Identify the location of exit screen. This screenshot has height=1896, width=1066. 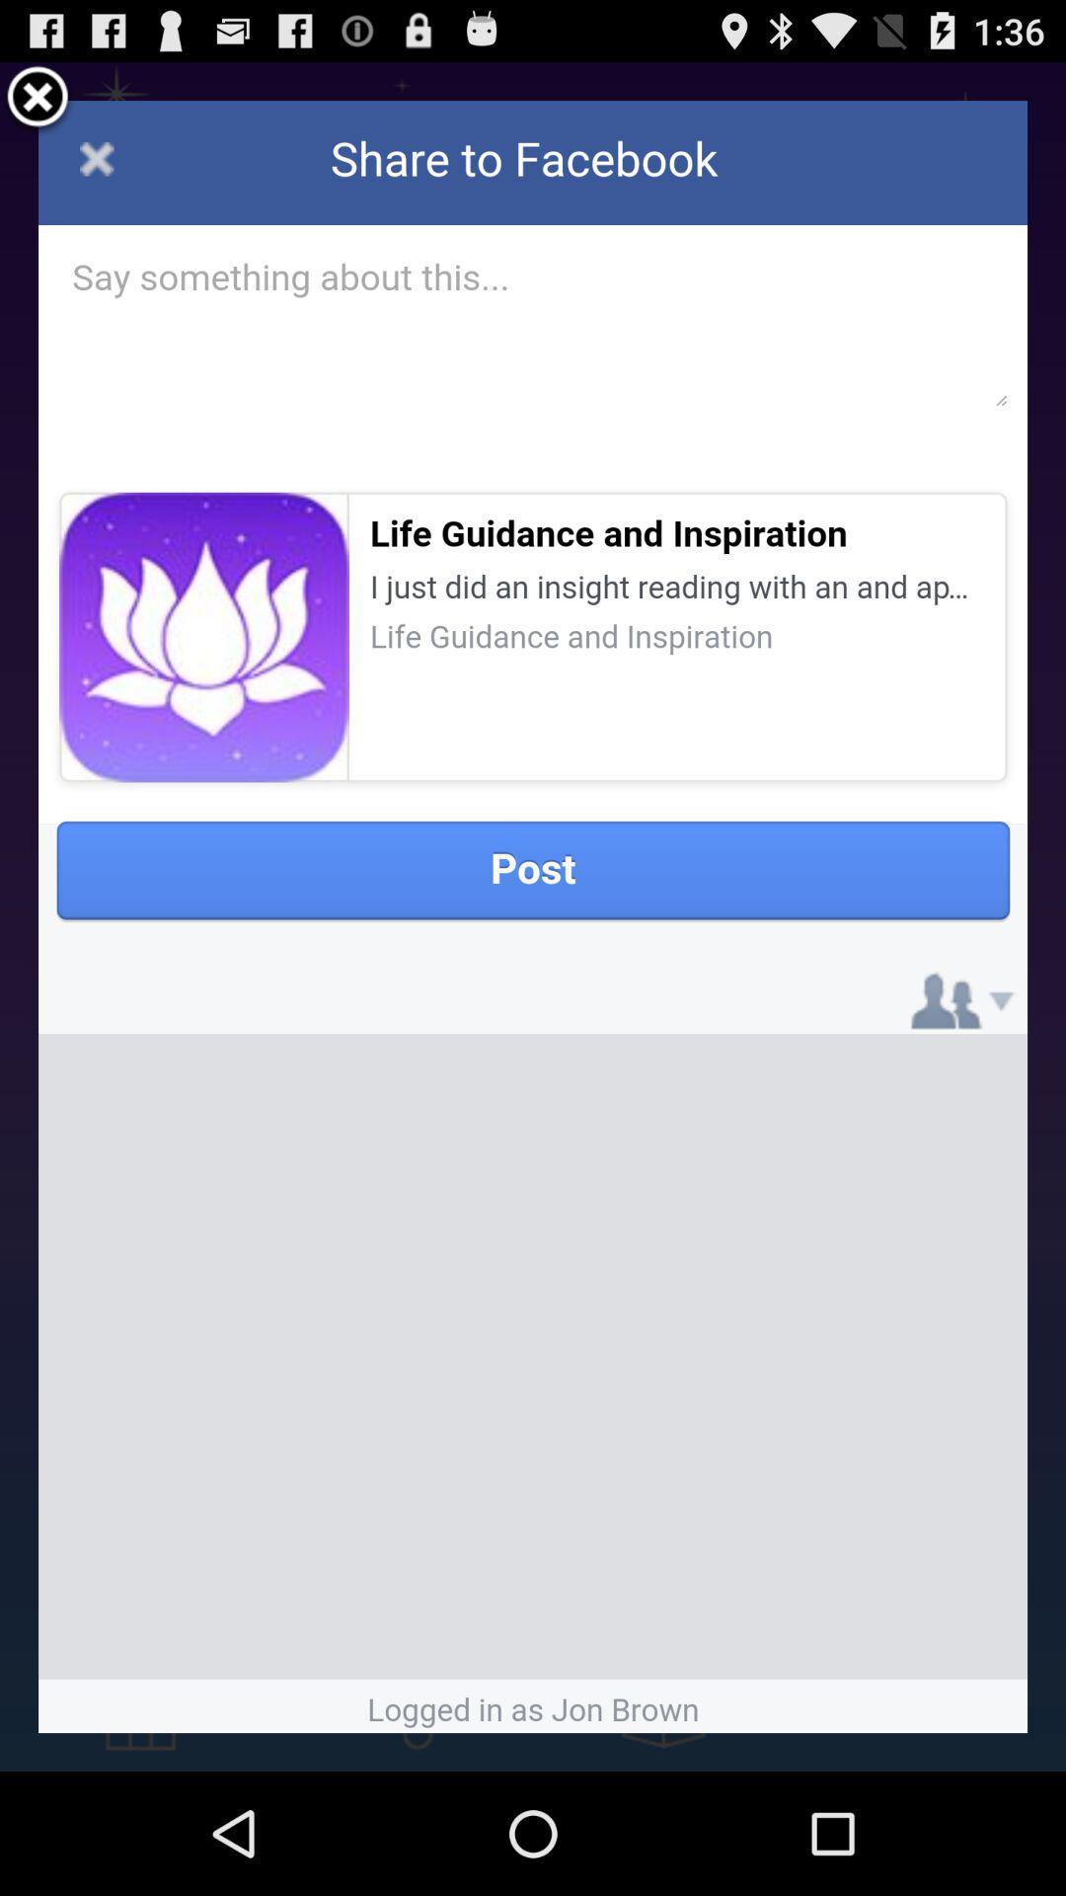
(38, 99).